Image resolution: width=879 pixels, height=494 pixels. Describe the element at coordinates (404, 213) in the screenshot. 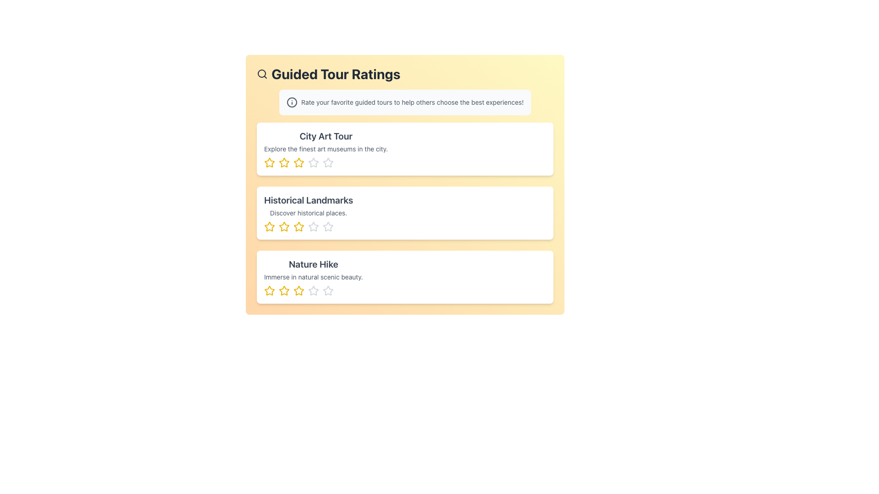

I see `the Informational module titled 'Historical Landmarks', which features a white background, a bold title, a description, and star rating functionality` at that location.